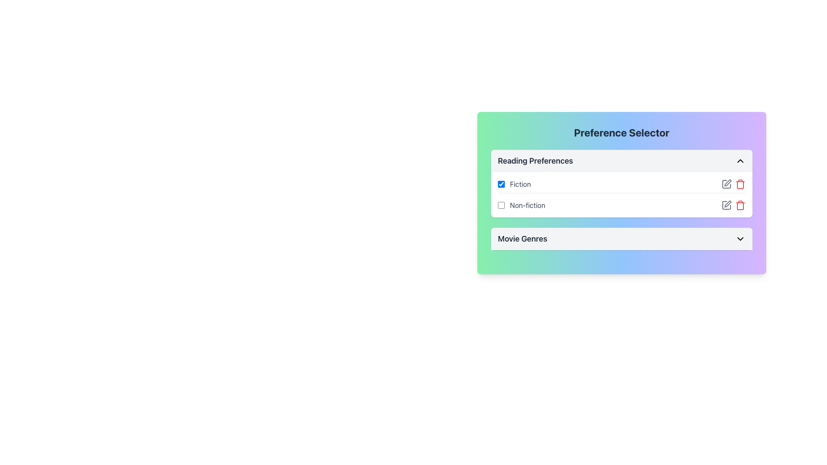  Describe the element at coordinates (740, 239) in the screenshot. I see `the icon button located at the right side of the 'Movie Genres' header` at that location.